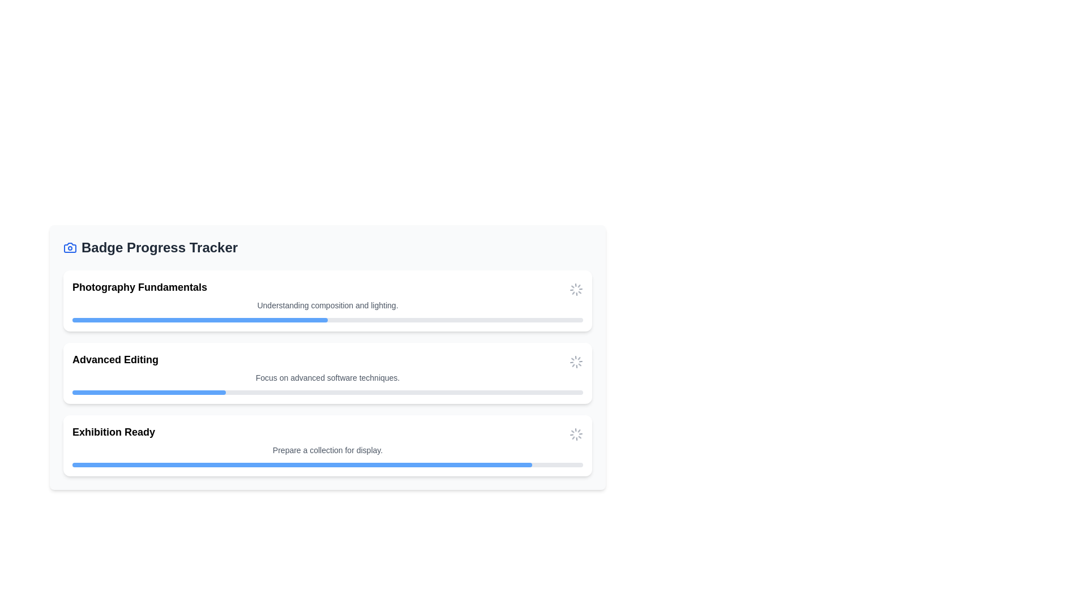 This screenshot has height=611, width=1087. Describe the element at coordinates (327, 392) in the screenshot. I see `the Progress Bar located in the center of the white card labeled 'Advanced Editing'` at that location.